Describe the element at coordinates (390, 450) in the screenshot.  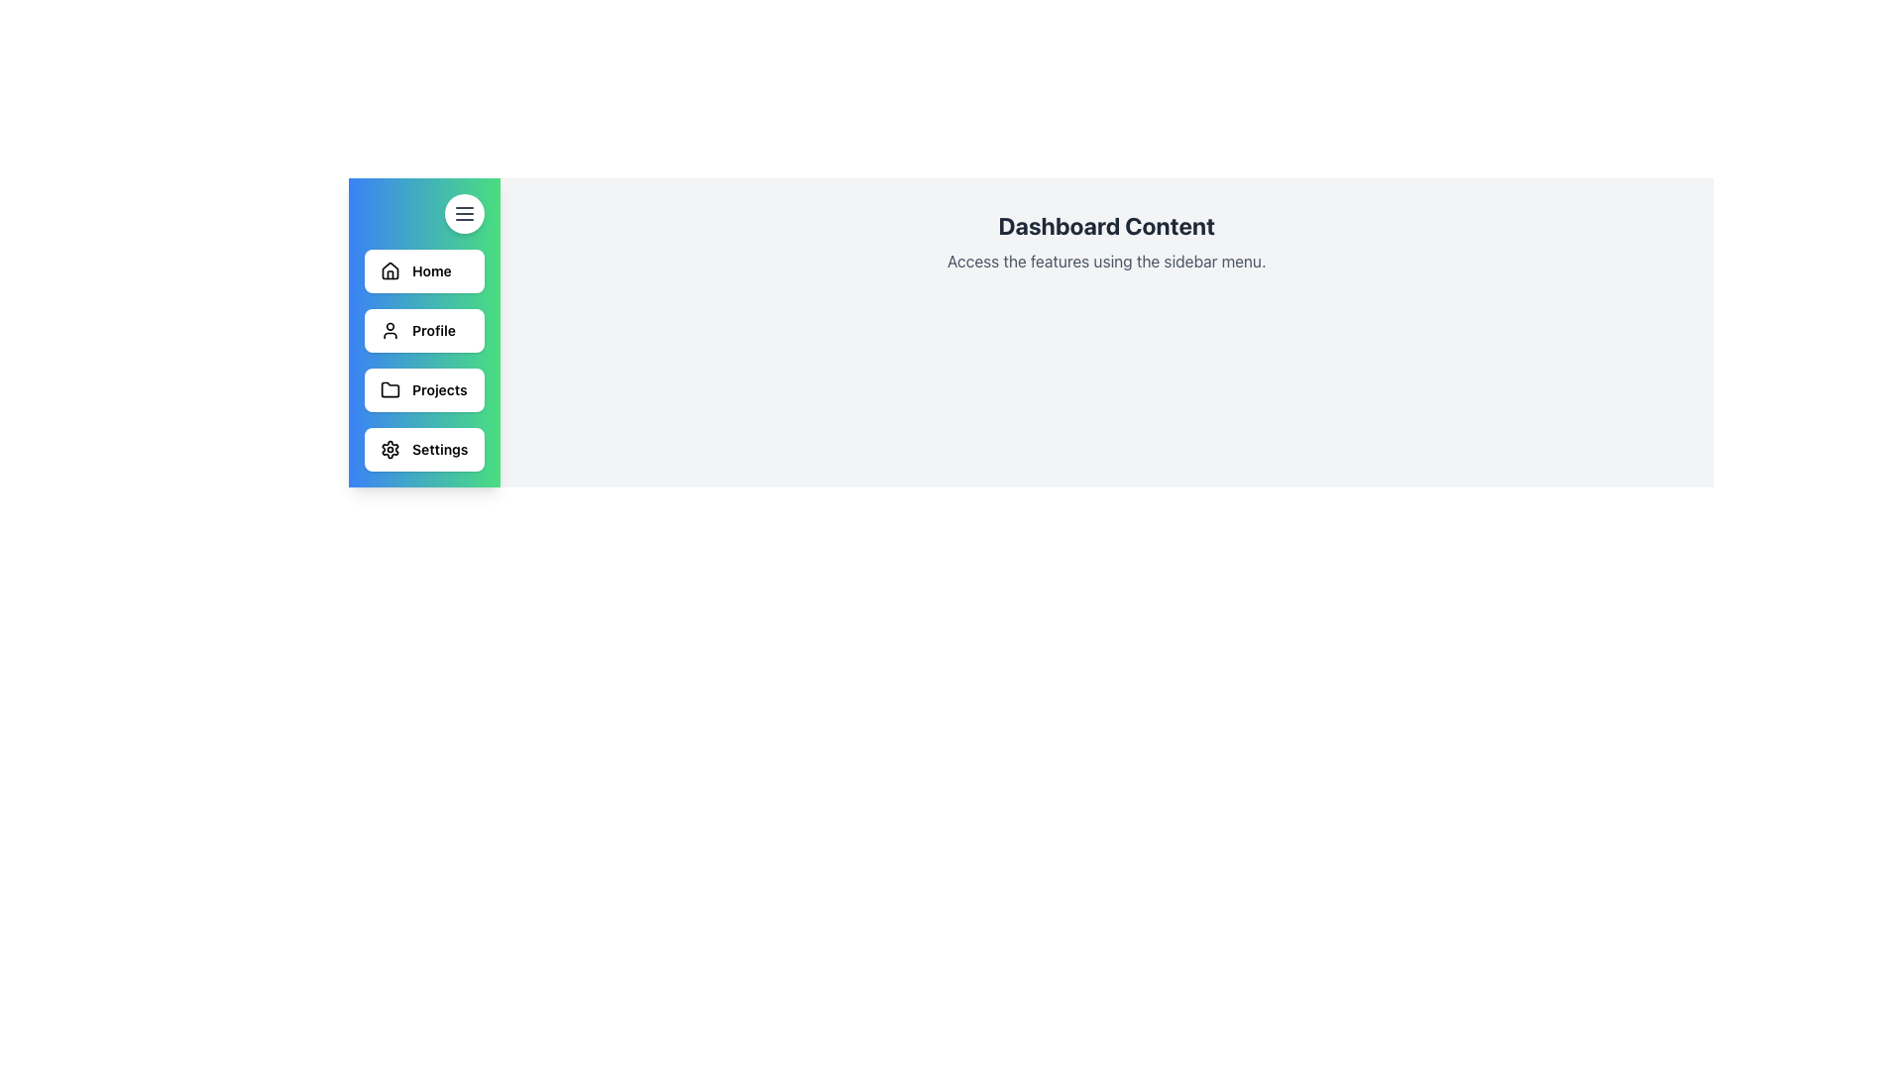
I see `the gear-shaped icon that represents settings in the sidebar navigation` at that location.